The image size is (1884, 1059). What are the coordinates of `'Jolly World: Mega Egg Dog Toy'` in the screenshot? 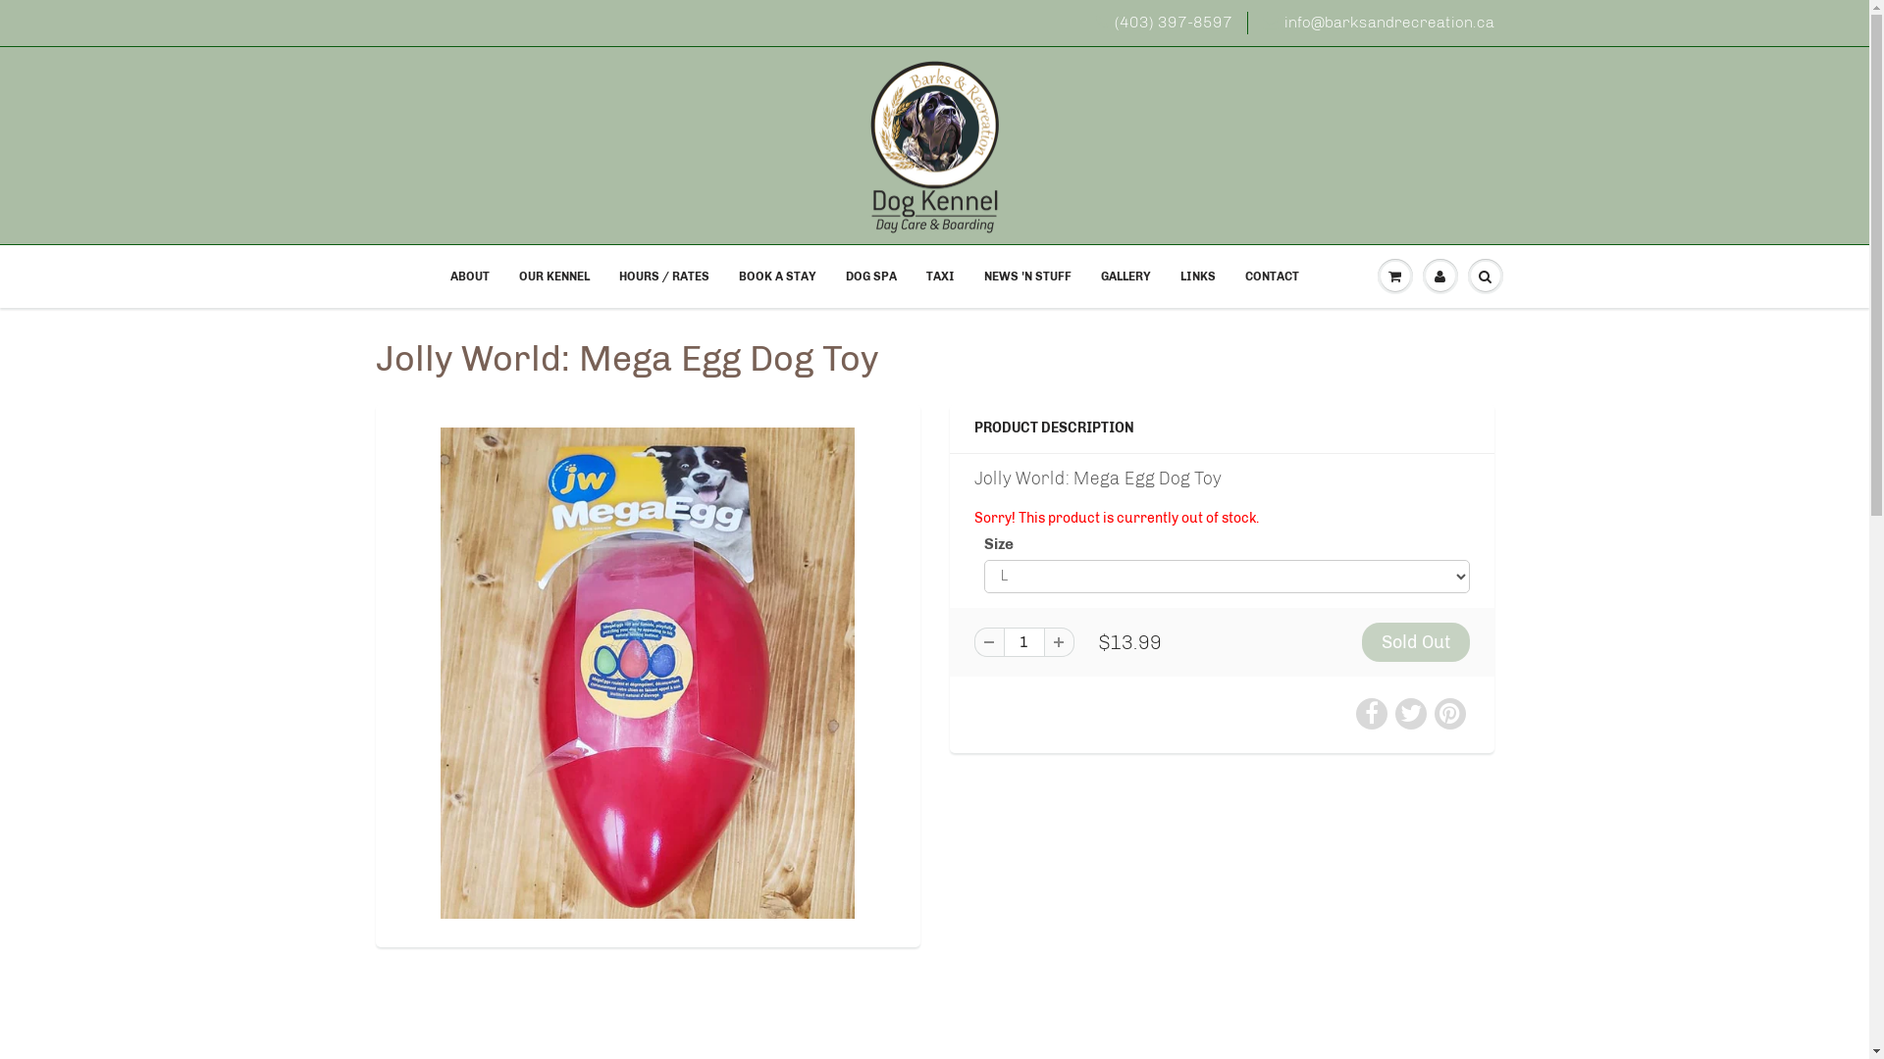 It's located at (648, 672).